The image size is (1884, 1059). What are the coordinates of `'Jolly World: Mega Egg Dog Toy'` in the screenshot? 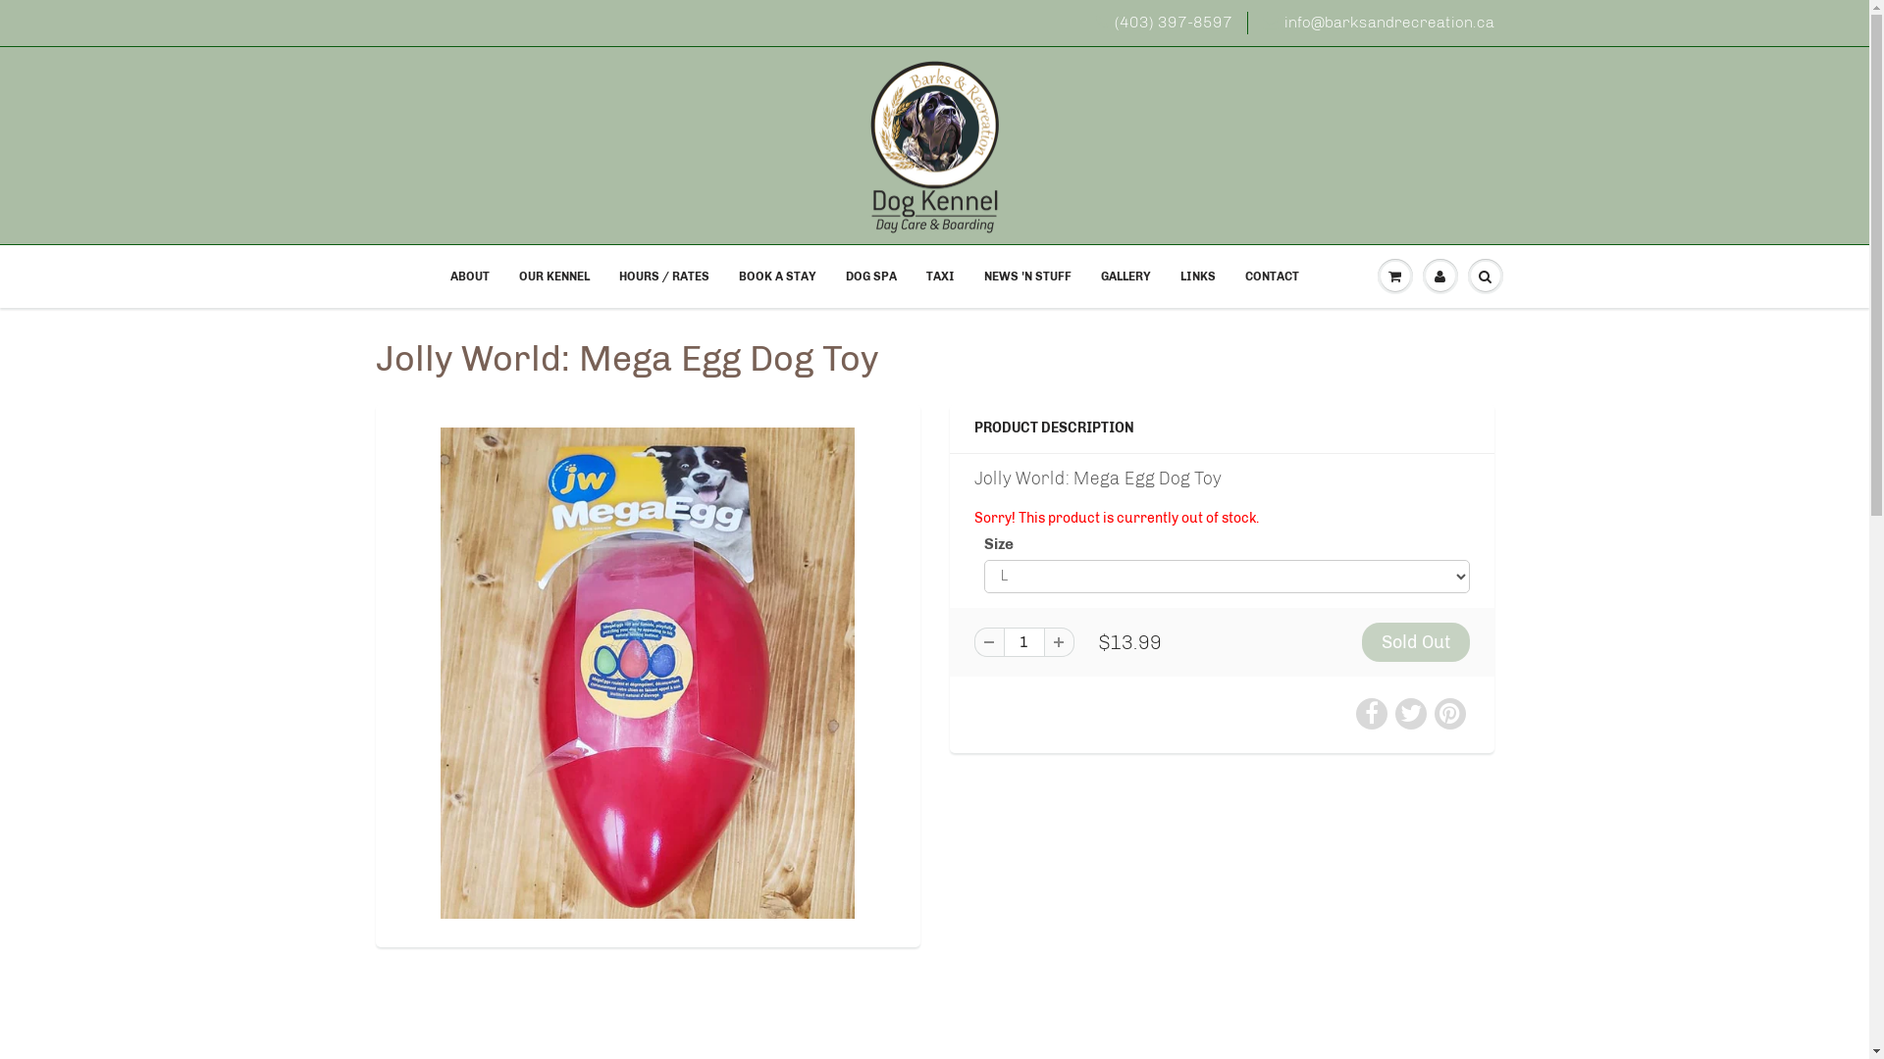 It's located at (648, 672).